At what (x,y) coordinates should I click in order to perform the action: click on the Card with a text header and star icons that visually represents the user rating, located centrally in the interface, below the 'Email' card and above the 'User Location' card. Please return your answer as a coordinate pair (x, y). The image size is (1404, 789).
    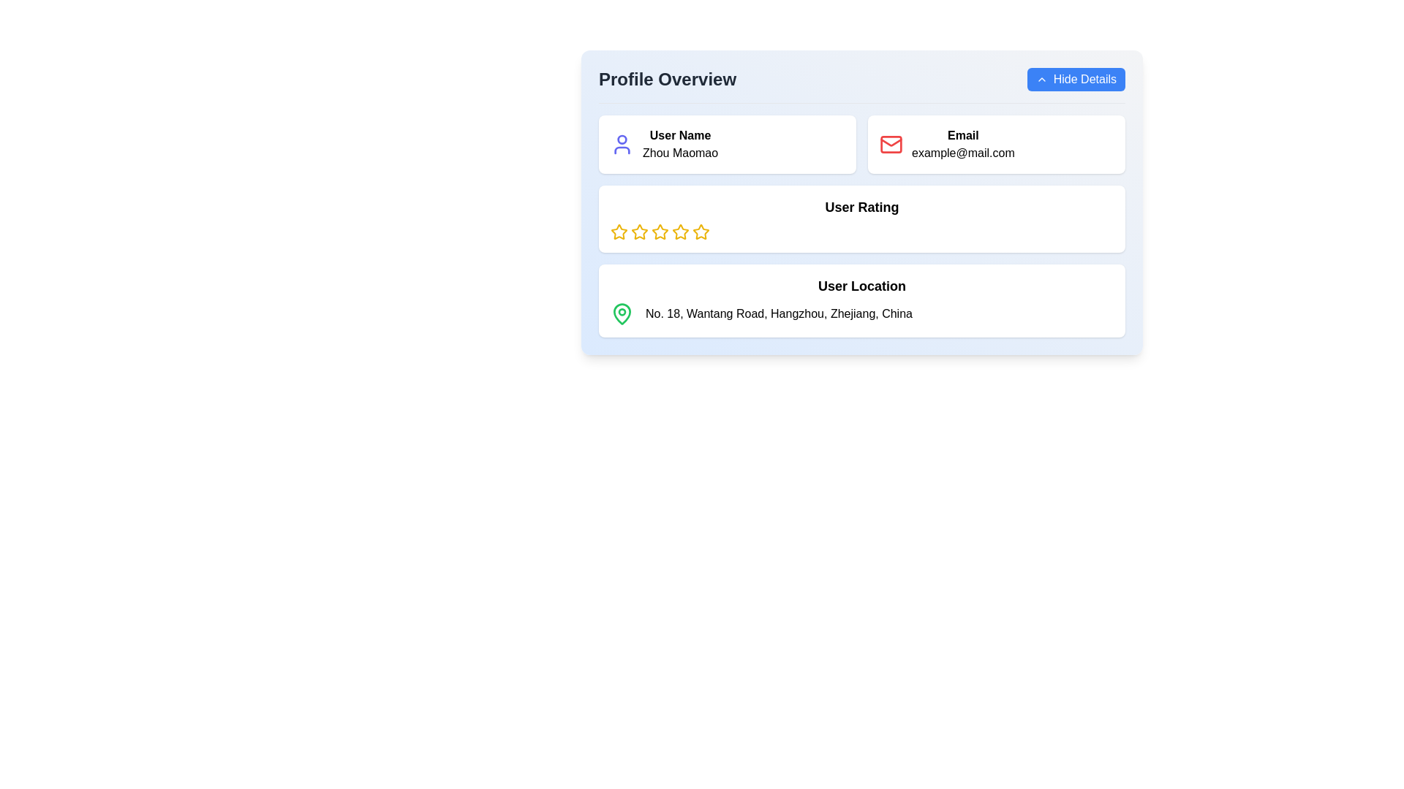
    Looking at the image, I should click on (862, 219).